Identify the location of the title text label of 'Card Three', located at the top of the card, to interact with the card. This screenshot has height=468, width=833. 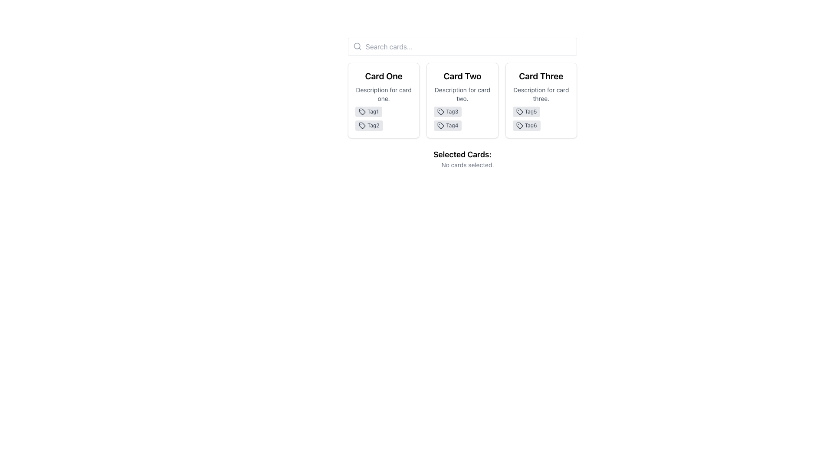
(541, 76).